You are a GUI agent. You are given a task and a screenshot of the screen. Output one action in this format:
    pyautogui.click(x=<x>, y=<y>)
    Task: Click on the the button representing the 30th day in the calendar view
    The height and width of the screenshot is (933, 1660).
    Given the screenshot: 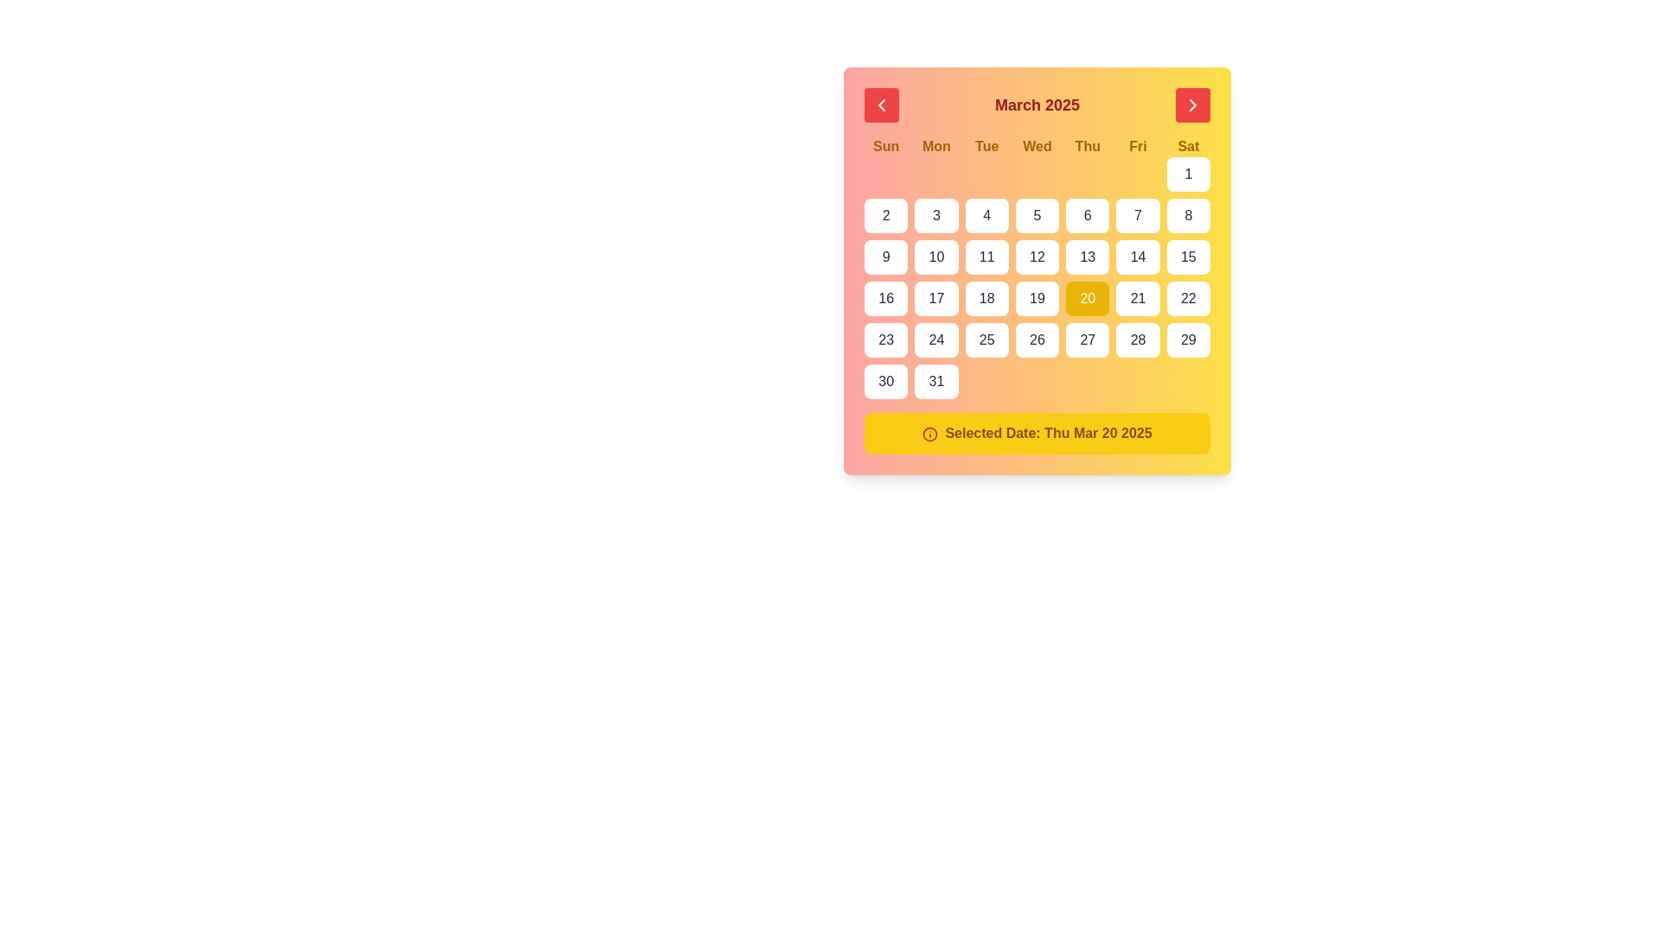 What is the action you would take?
    pyautogui.click(x=886, y=381)
    